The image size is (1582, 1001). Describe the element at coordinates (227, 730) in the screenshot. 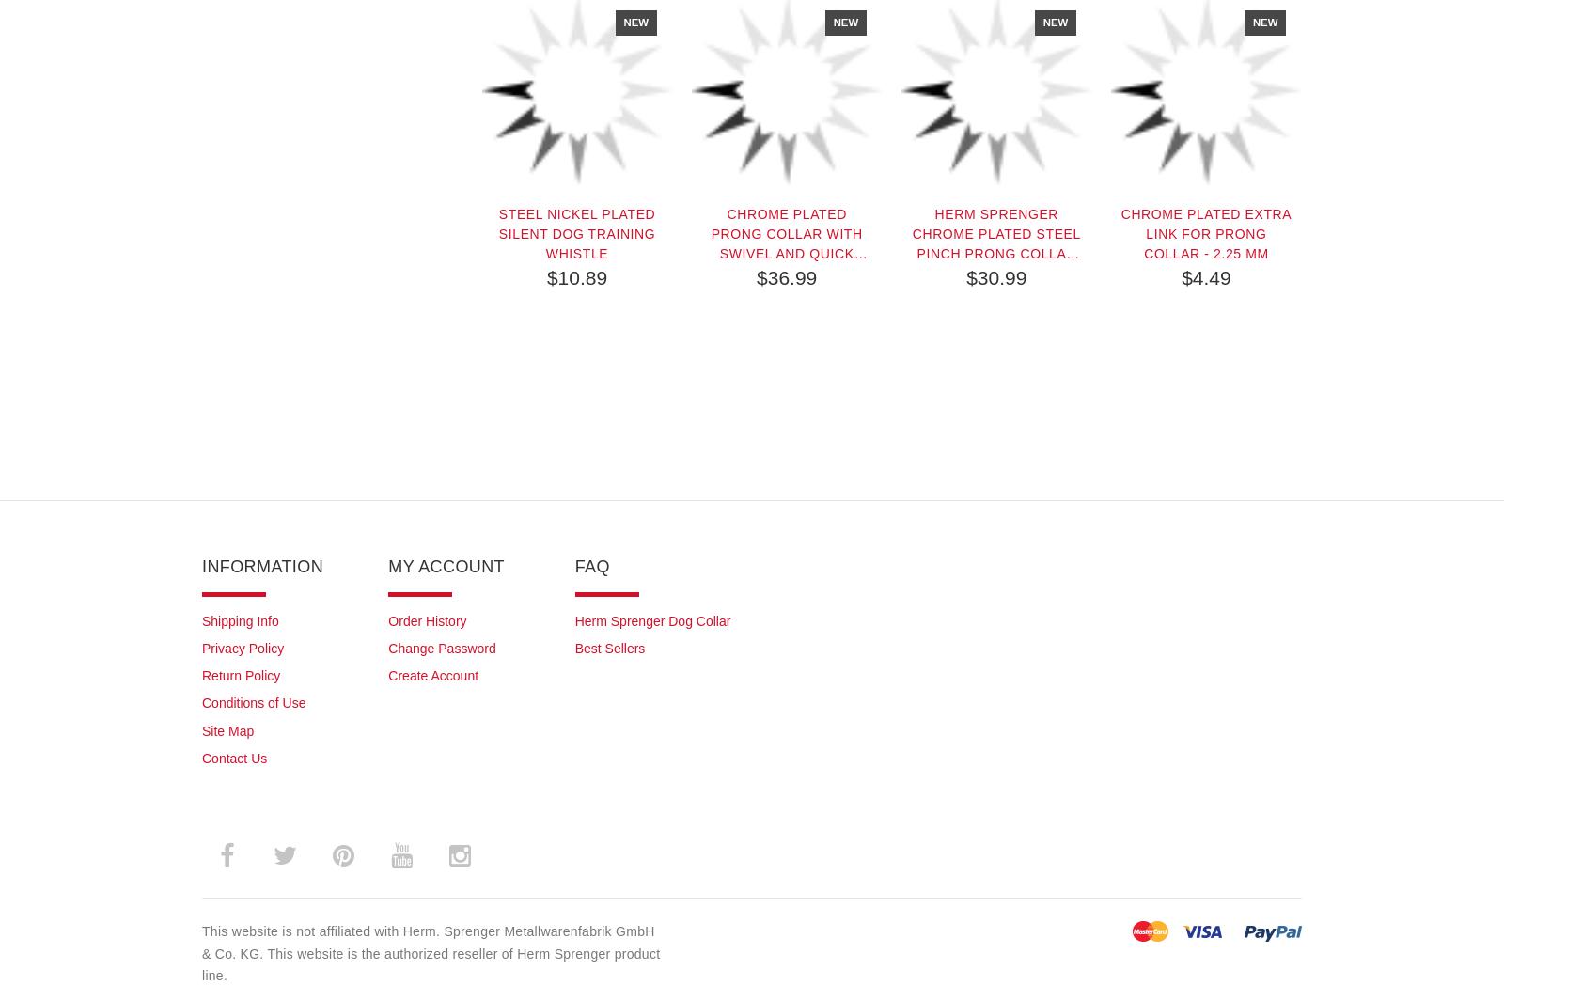

I see `'Site Map'` at that location.